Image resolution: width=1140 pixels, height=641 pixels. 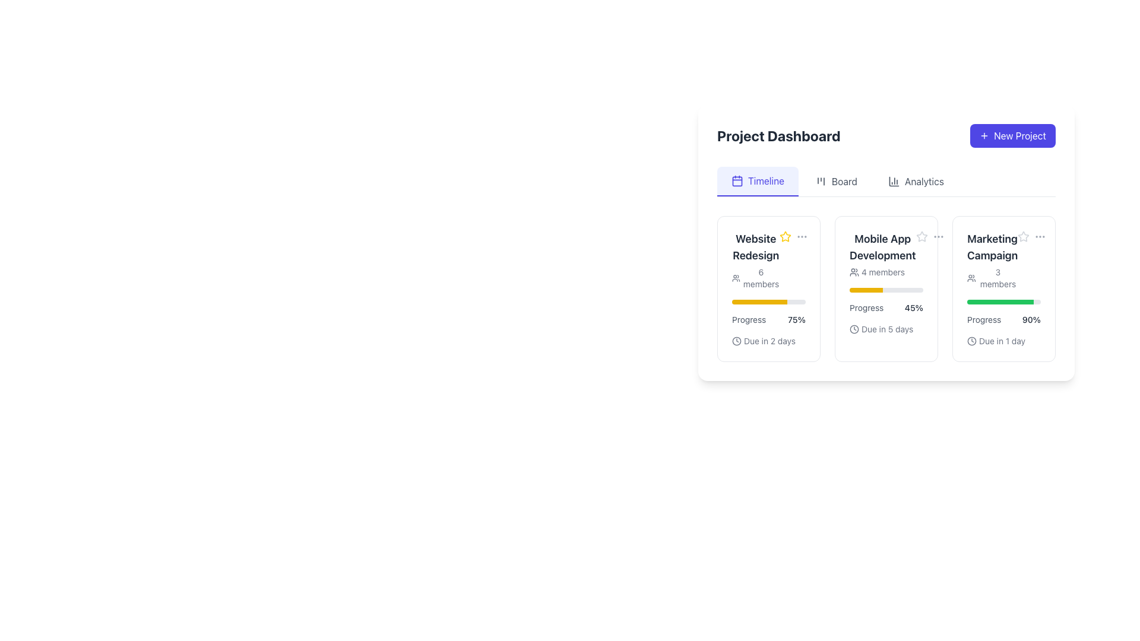 What do you see at coordinates (1002, 341) in the screenshot?
I see `text label 'Due in 1 day' located in the 'Marketing Campaign' project card, positioned at the bottom right next to the progress bar and to the right of the clock icon` at bounding box center [1002, 341].